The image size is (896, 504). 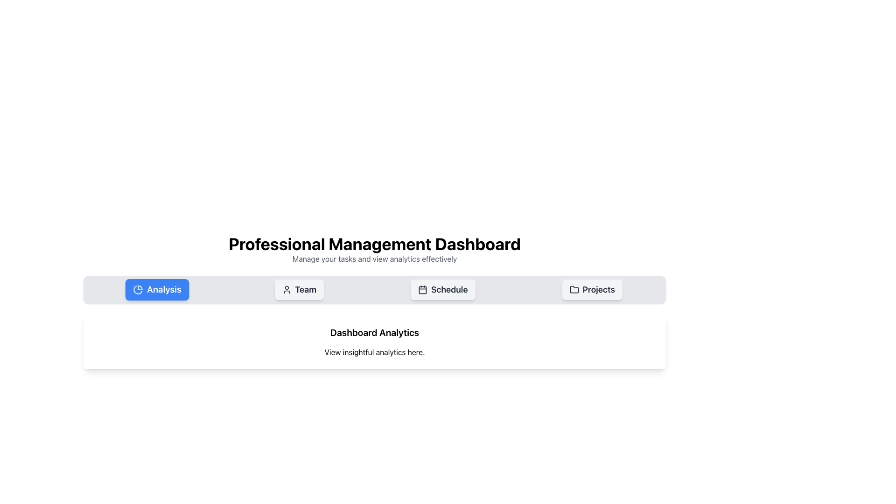 I want to click on descriptive text label located below the header 'Dashboard Analytics' in the analytics dashboard, which provides an introduction or instruction about the purpose of the dashboard, so click(x=374, y=352).